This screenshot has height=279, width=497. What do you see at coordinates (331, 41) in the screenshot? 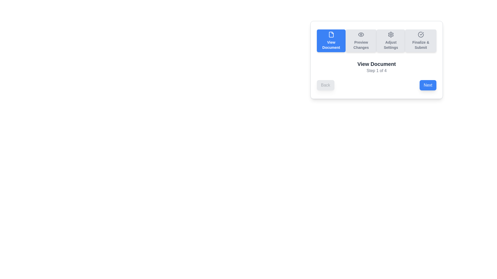
I see `the highlighted step indicator 'View Document' to view additional details` at bounding box center [331, 41].